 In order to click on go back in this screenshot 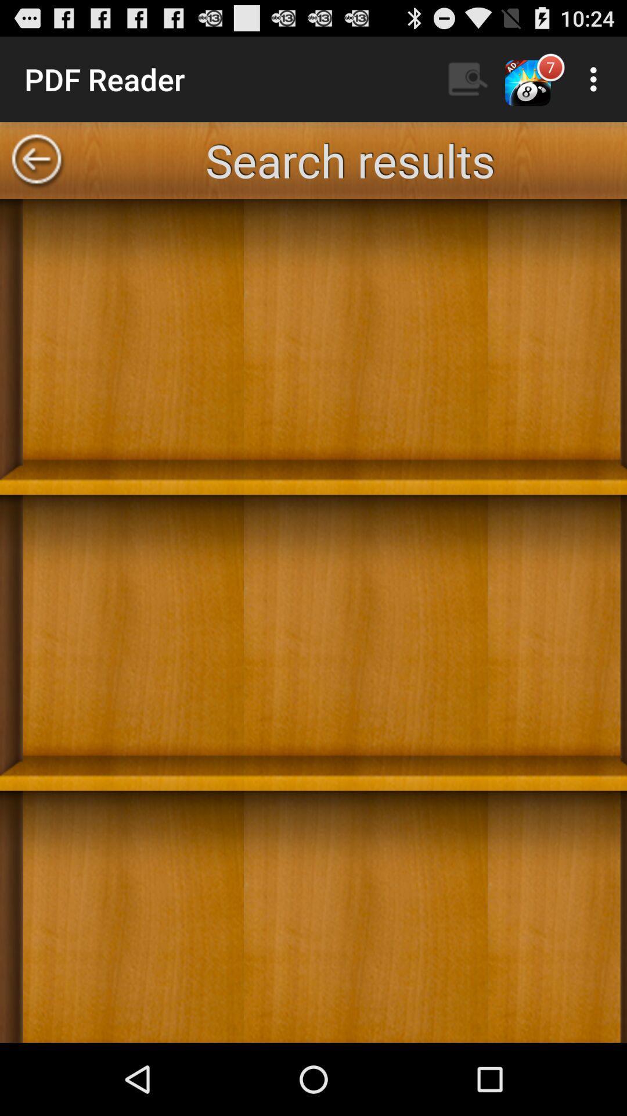, I will do `click(35, 159)`.